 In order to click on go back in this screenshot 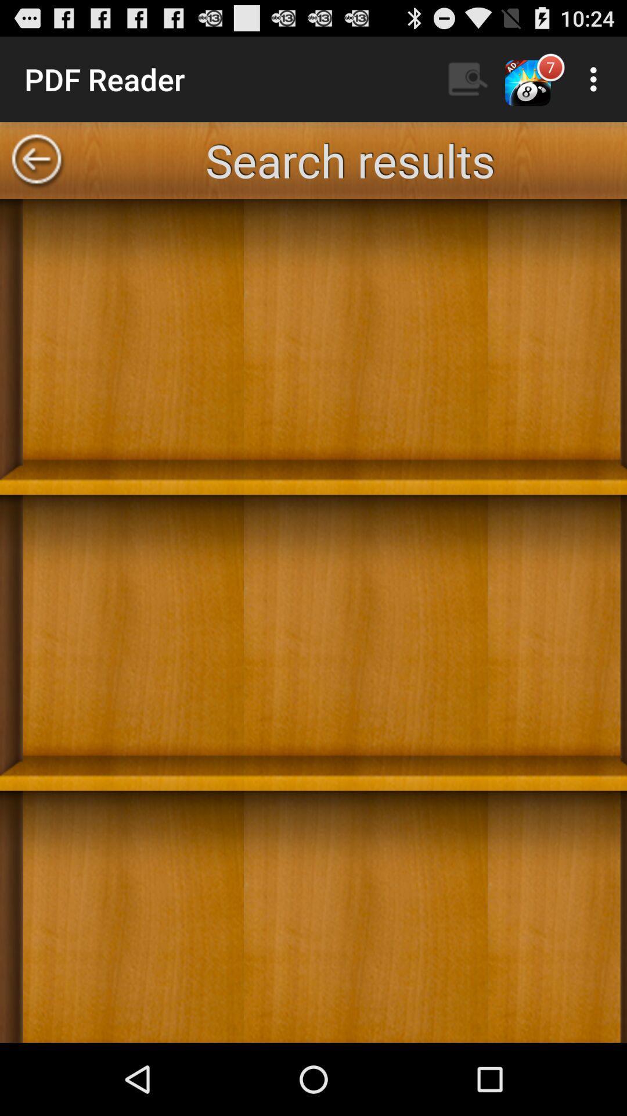, I will do `click(35, 159)`.